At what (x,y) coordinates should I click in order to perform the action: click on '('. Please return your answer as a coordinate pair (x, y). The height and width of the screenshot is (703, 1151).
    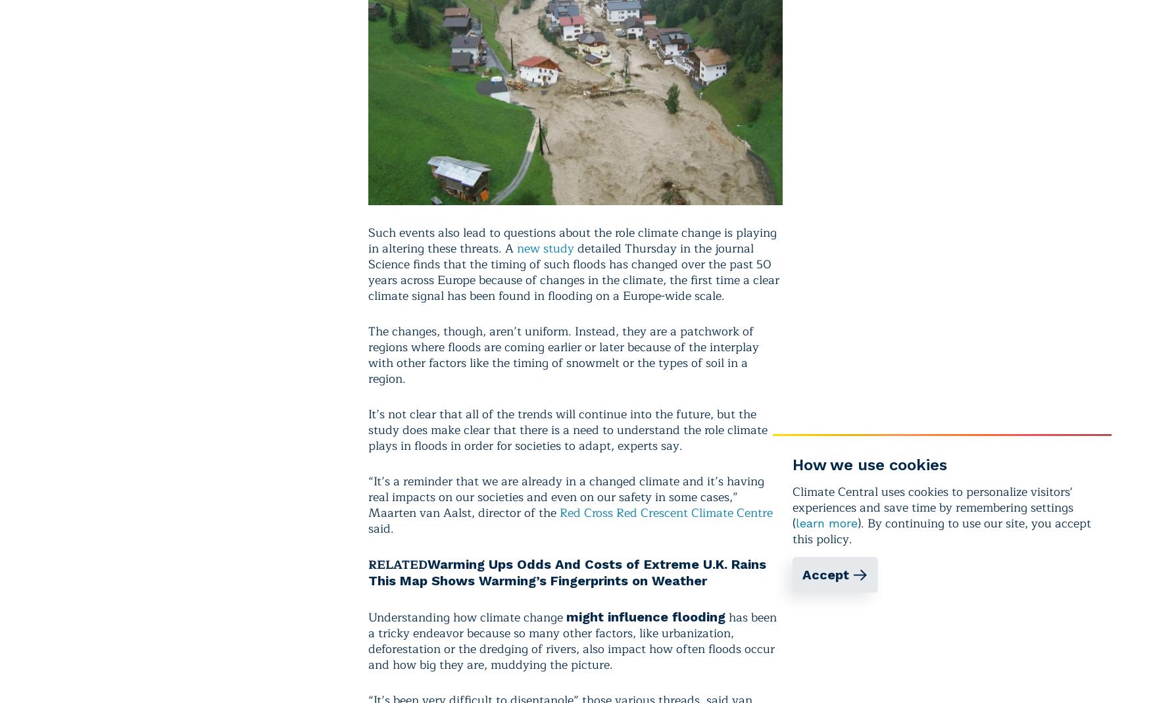
    Looking at the image, I should click on (794, 523).